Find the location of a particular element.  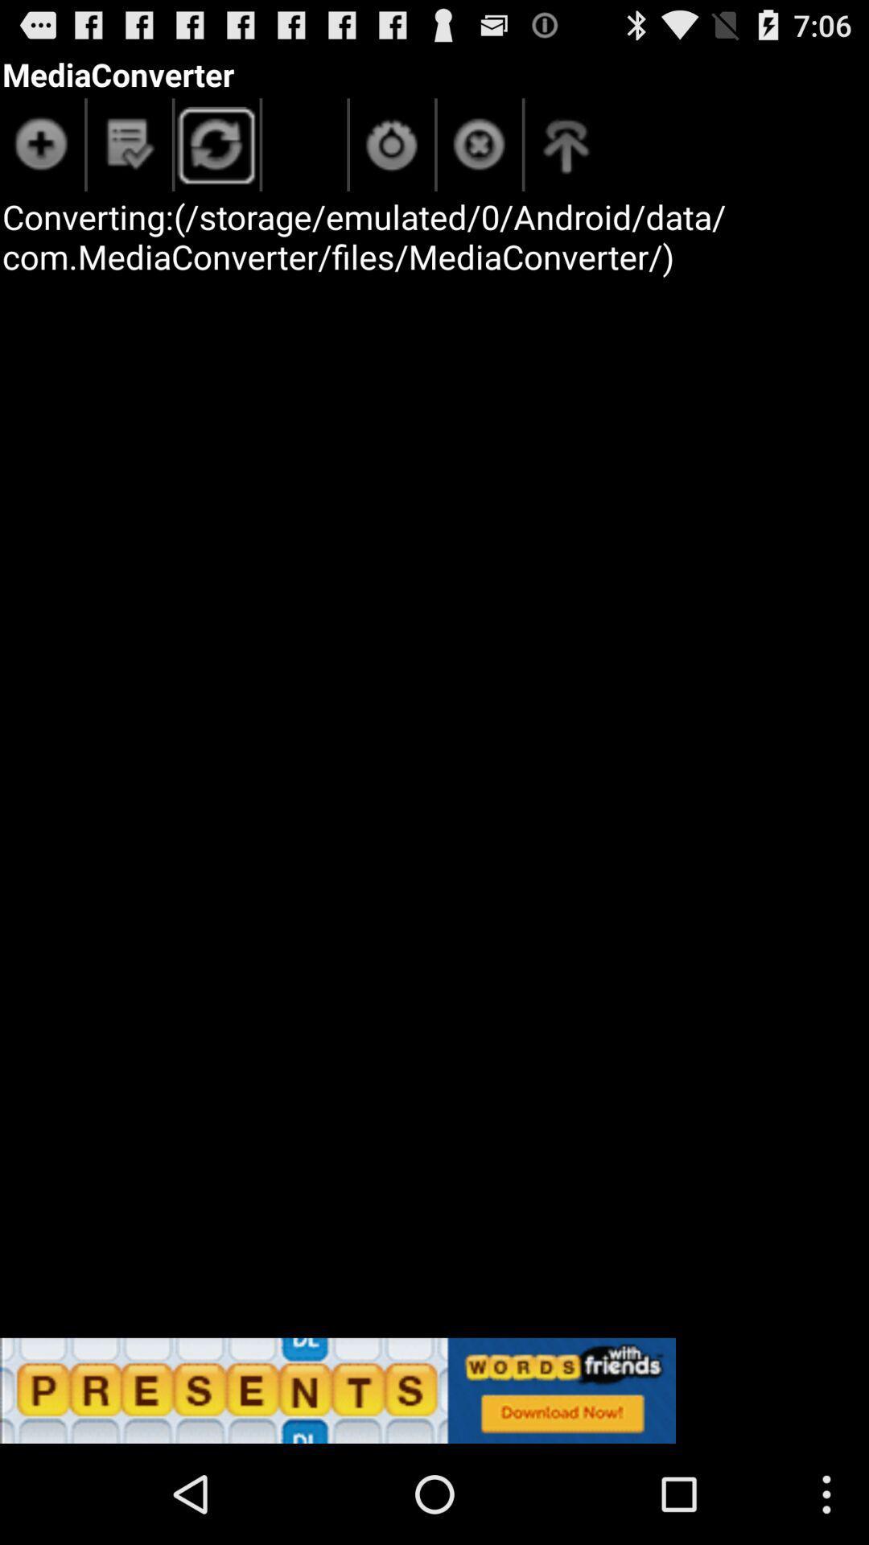

the refresh icon is located at coordinates (217, 159).